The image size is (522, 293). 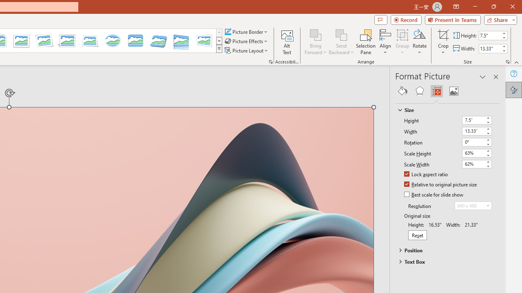 I want to click on 'Scale Width', so click(x=473, y=164).